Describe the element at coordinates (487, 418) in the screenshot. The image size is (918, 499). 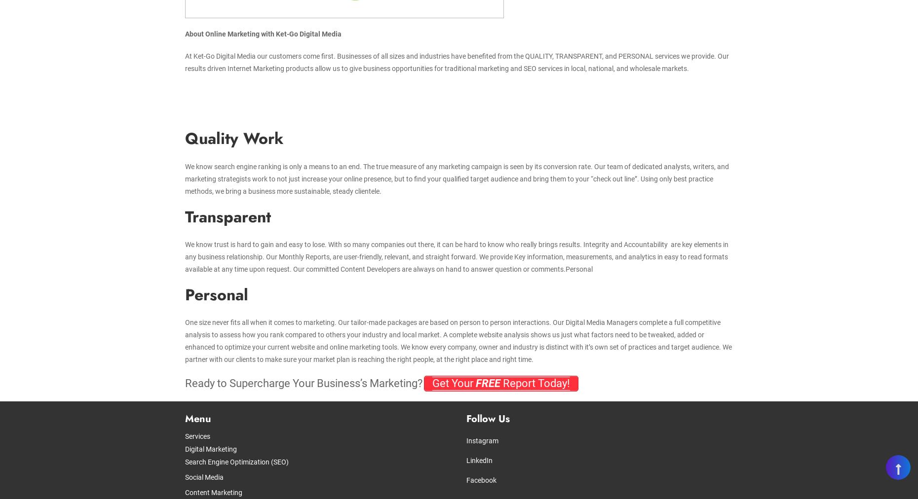
I see `'Follow Us'` at that location.